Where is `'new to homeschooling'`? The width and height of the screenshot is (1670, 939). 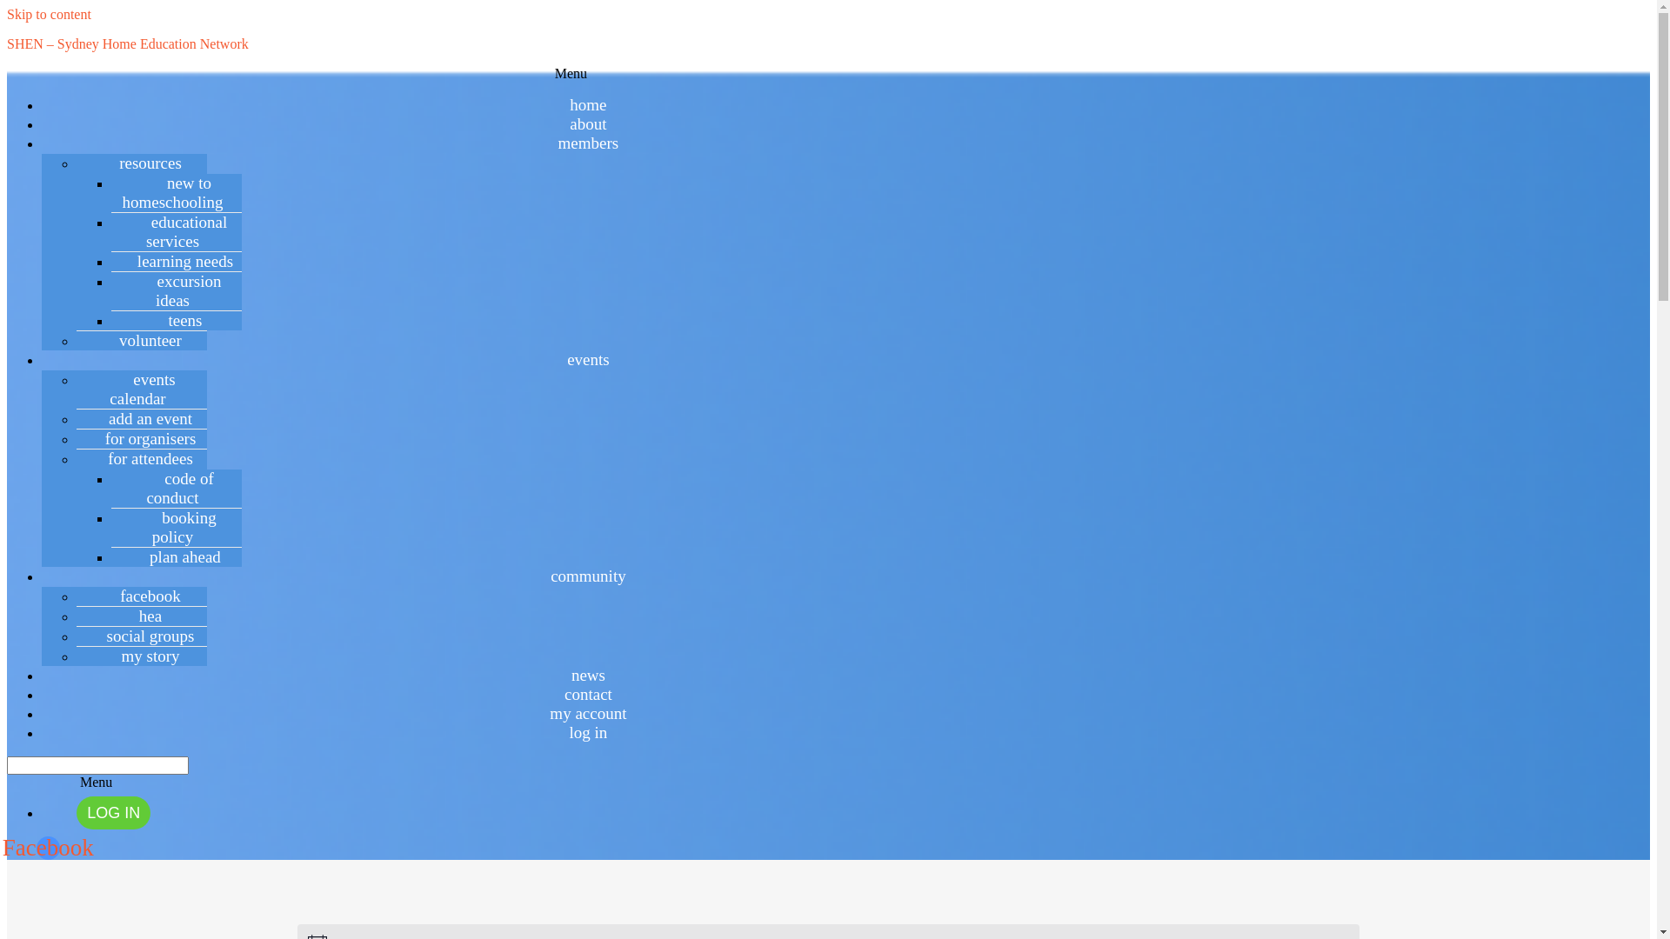 'new to homeschooling' is located at coordinates (176, 192).